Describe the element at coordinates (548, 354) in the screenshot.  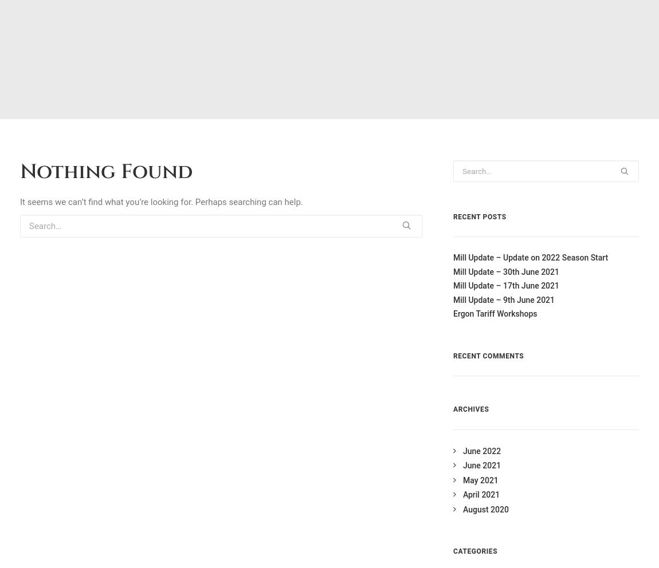
I see `'CONTACT US'` at that location.